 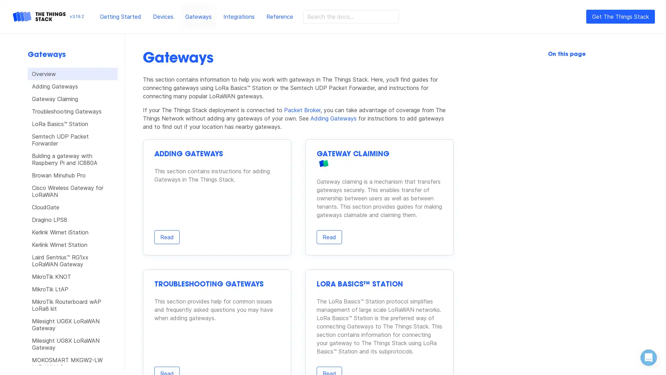 What do you see at coordinates (648, 357) in the screenshot?
I see `Open Intercom Messenger` at bounding box center [648, 357].